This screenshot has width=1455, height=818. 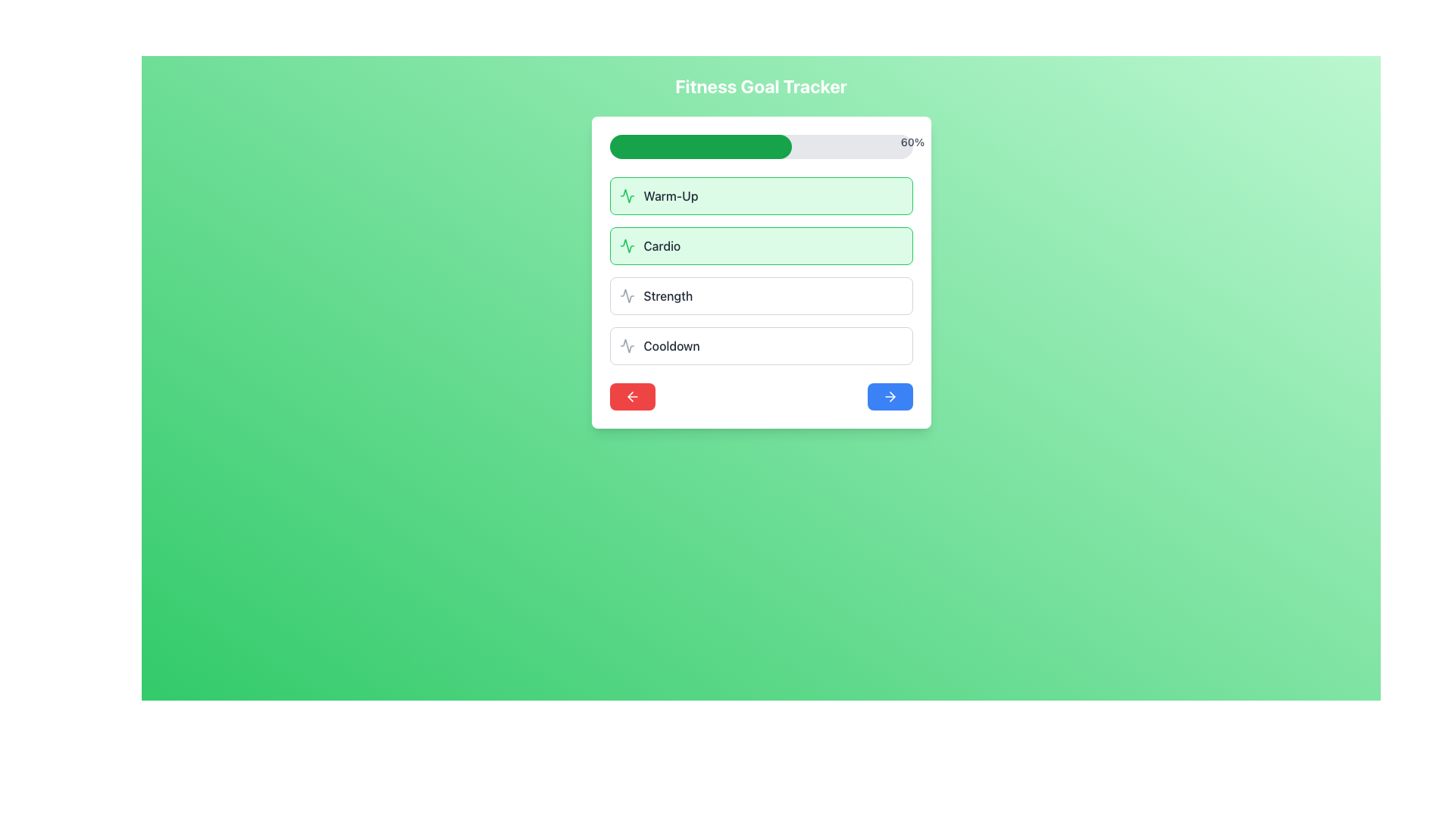 What do you see at coordinates (627, 345) in the screenshot?
I see `the electrocardiogram wave icon located to the left of the 'Cooldown' text in the fourth item of the vertical list` at bounding box center [627, 345].